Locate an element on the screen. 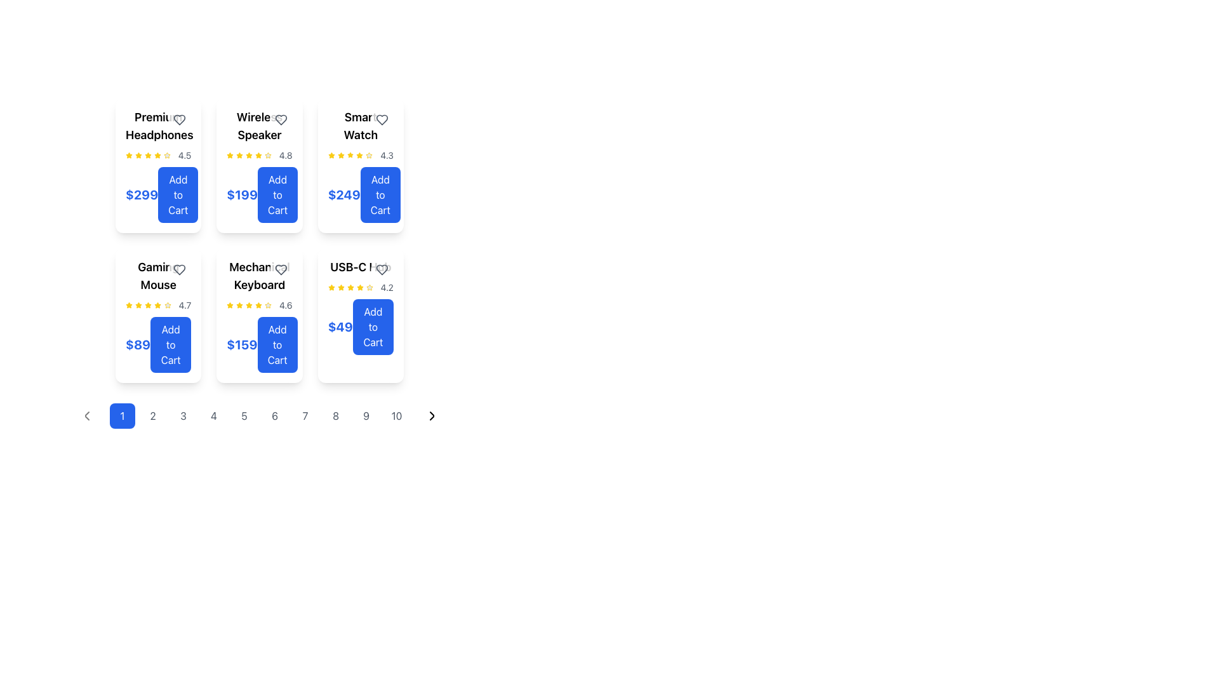 Image resolution: width=1219 pixels, height=686 pixels. the label displaying the average rating of the 'Gamir Mouse', which is located in the second row, first column of the grid layout, adjacent to the star icons is located at coordinates (184, 306).